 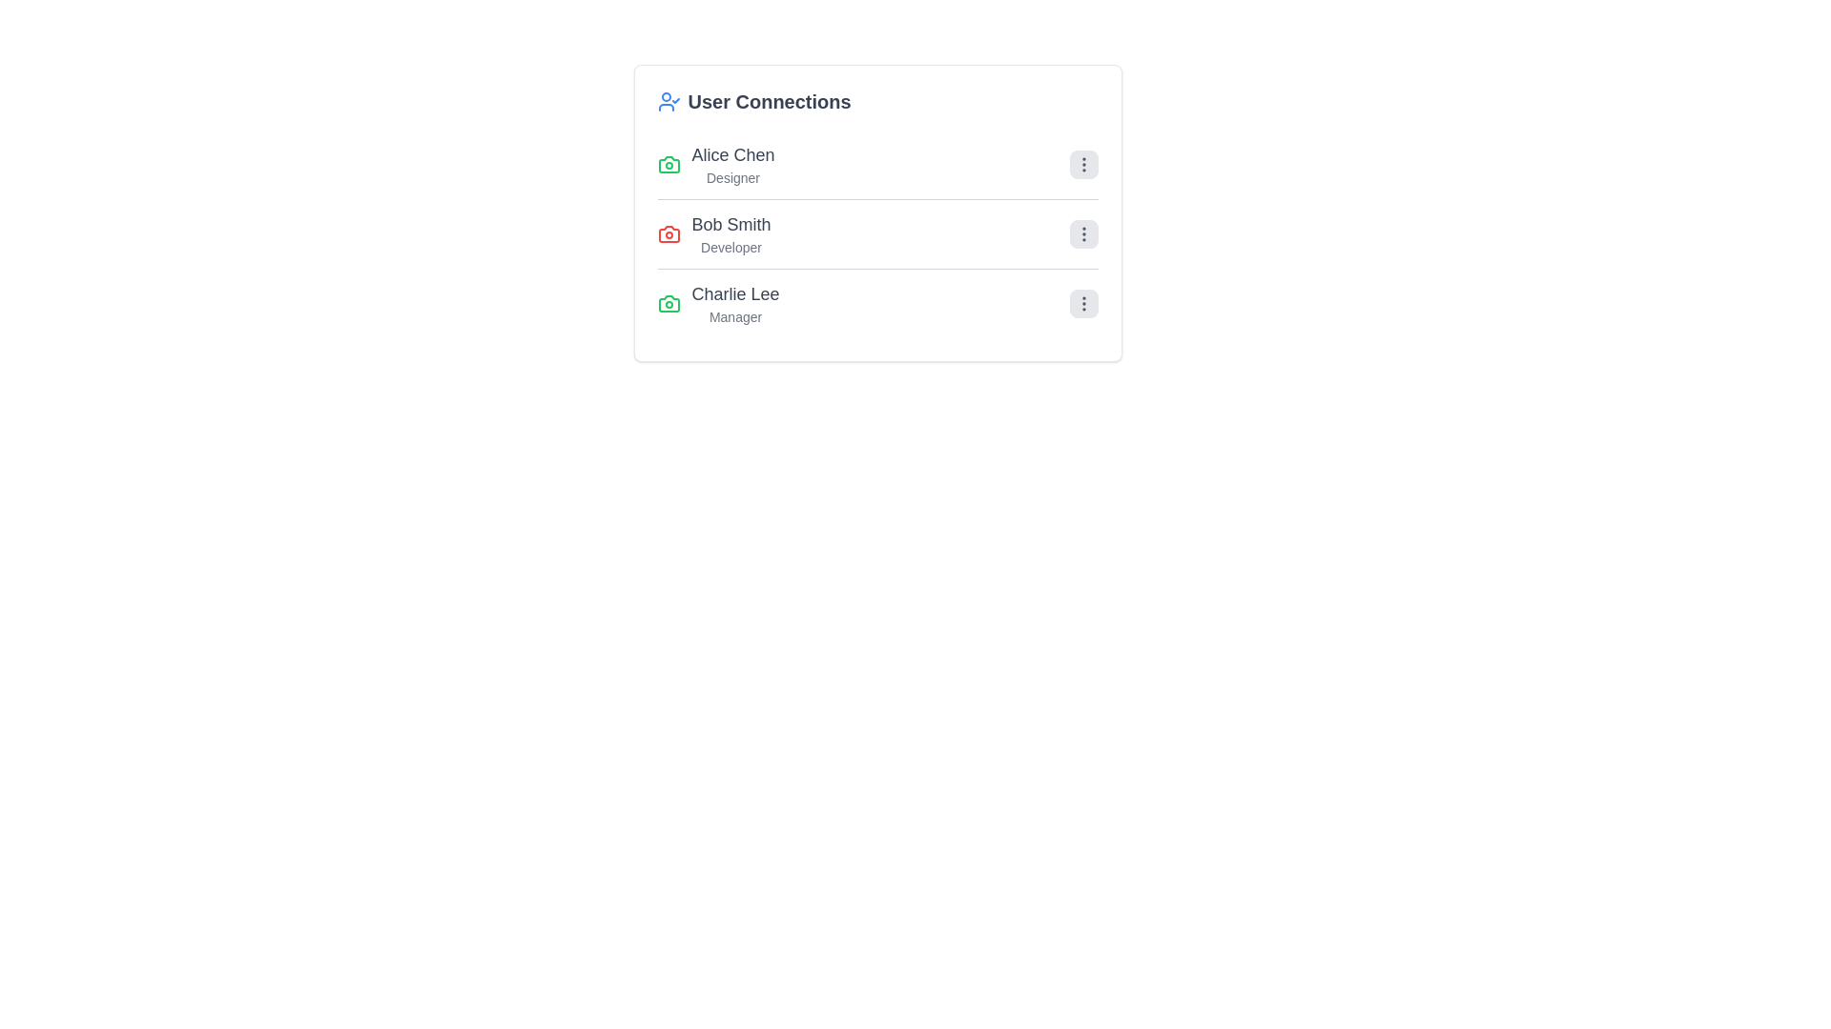 What do you see at coordinates (734, 303) in the screenshot?
I see `the text label displaying user profile information, positioned below 'Alice Chen' and 'Bob Smith' in the 'User Connections' card interface` at bounding box center [734, 303].